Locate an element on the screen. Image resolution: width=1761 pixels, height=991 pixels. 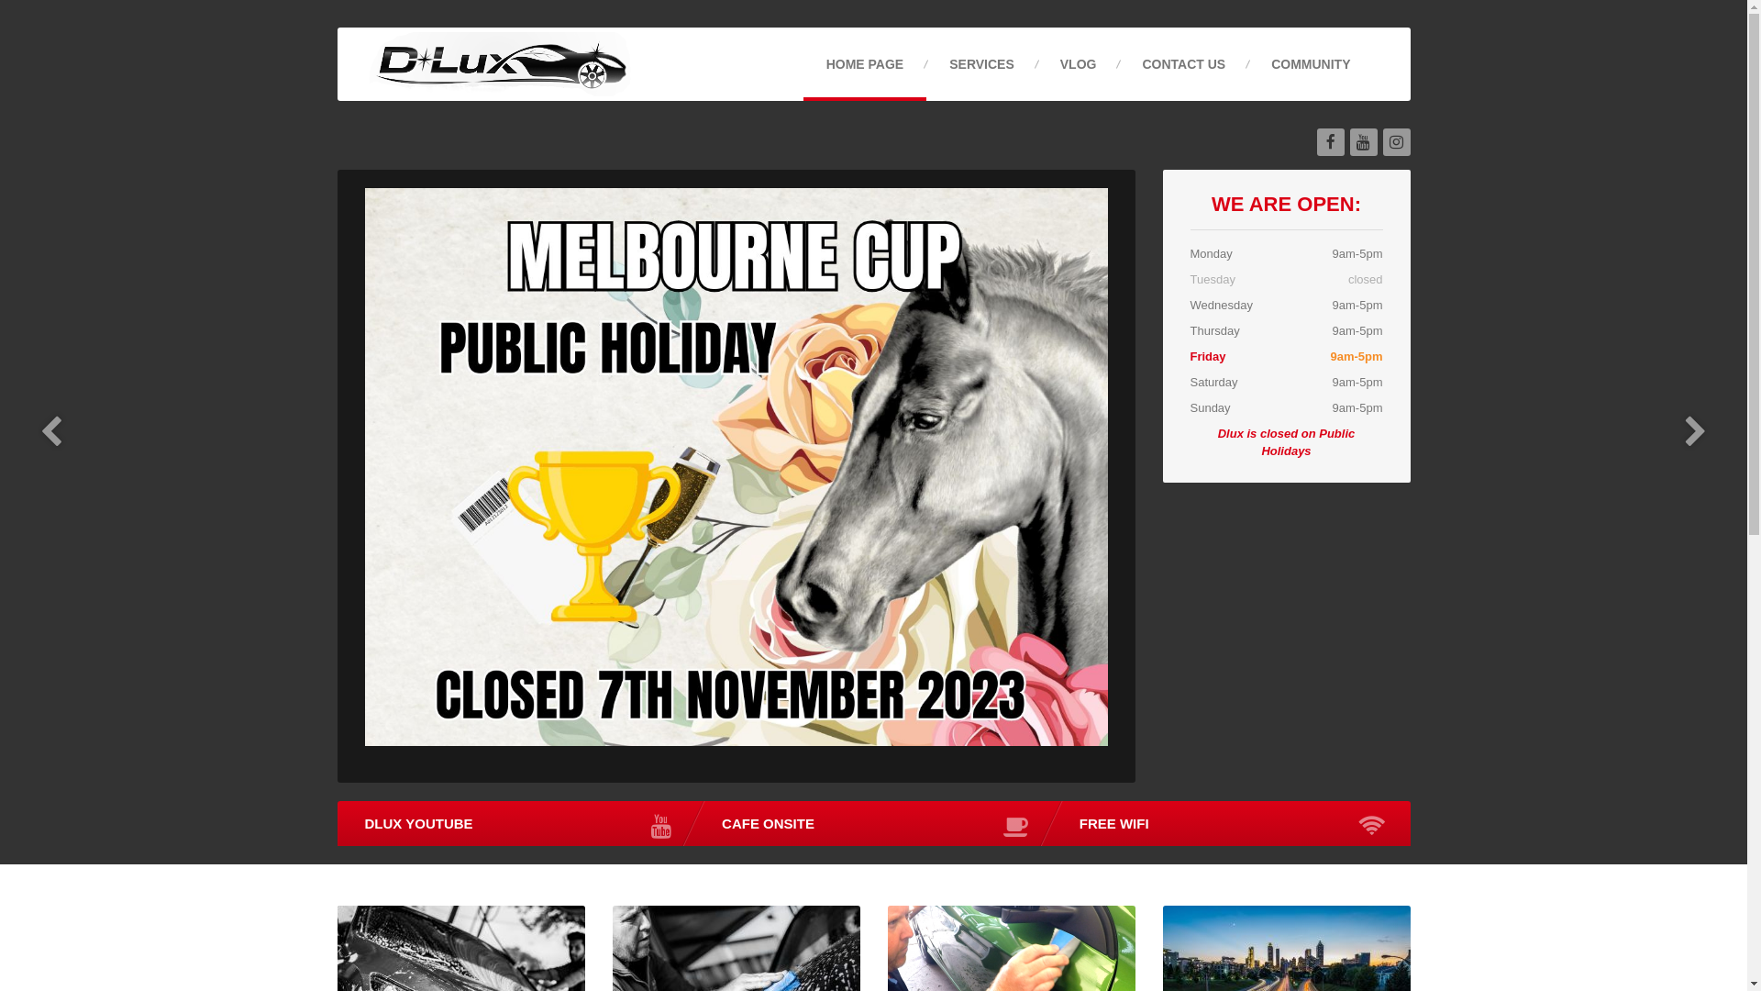
'CONTACT US' is located at coordinates (1183, 62).